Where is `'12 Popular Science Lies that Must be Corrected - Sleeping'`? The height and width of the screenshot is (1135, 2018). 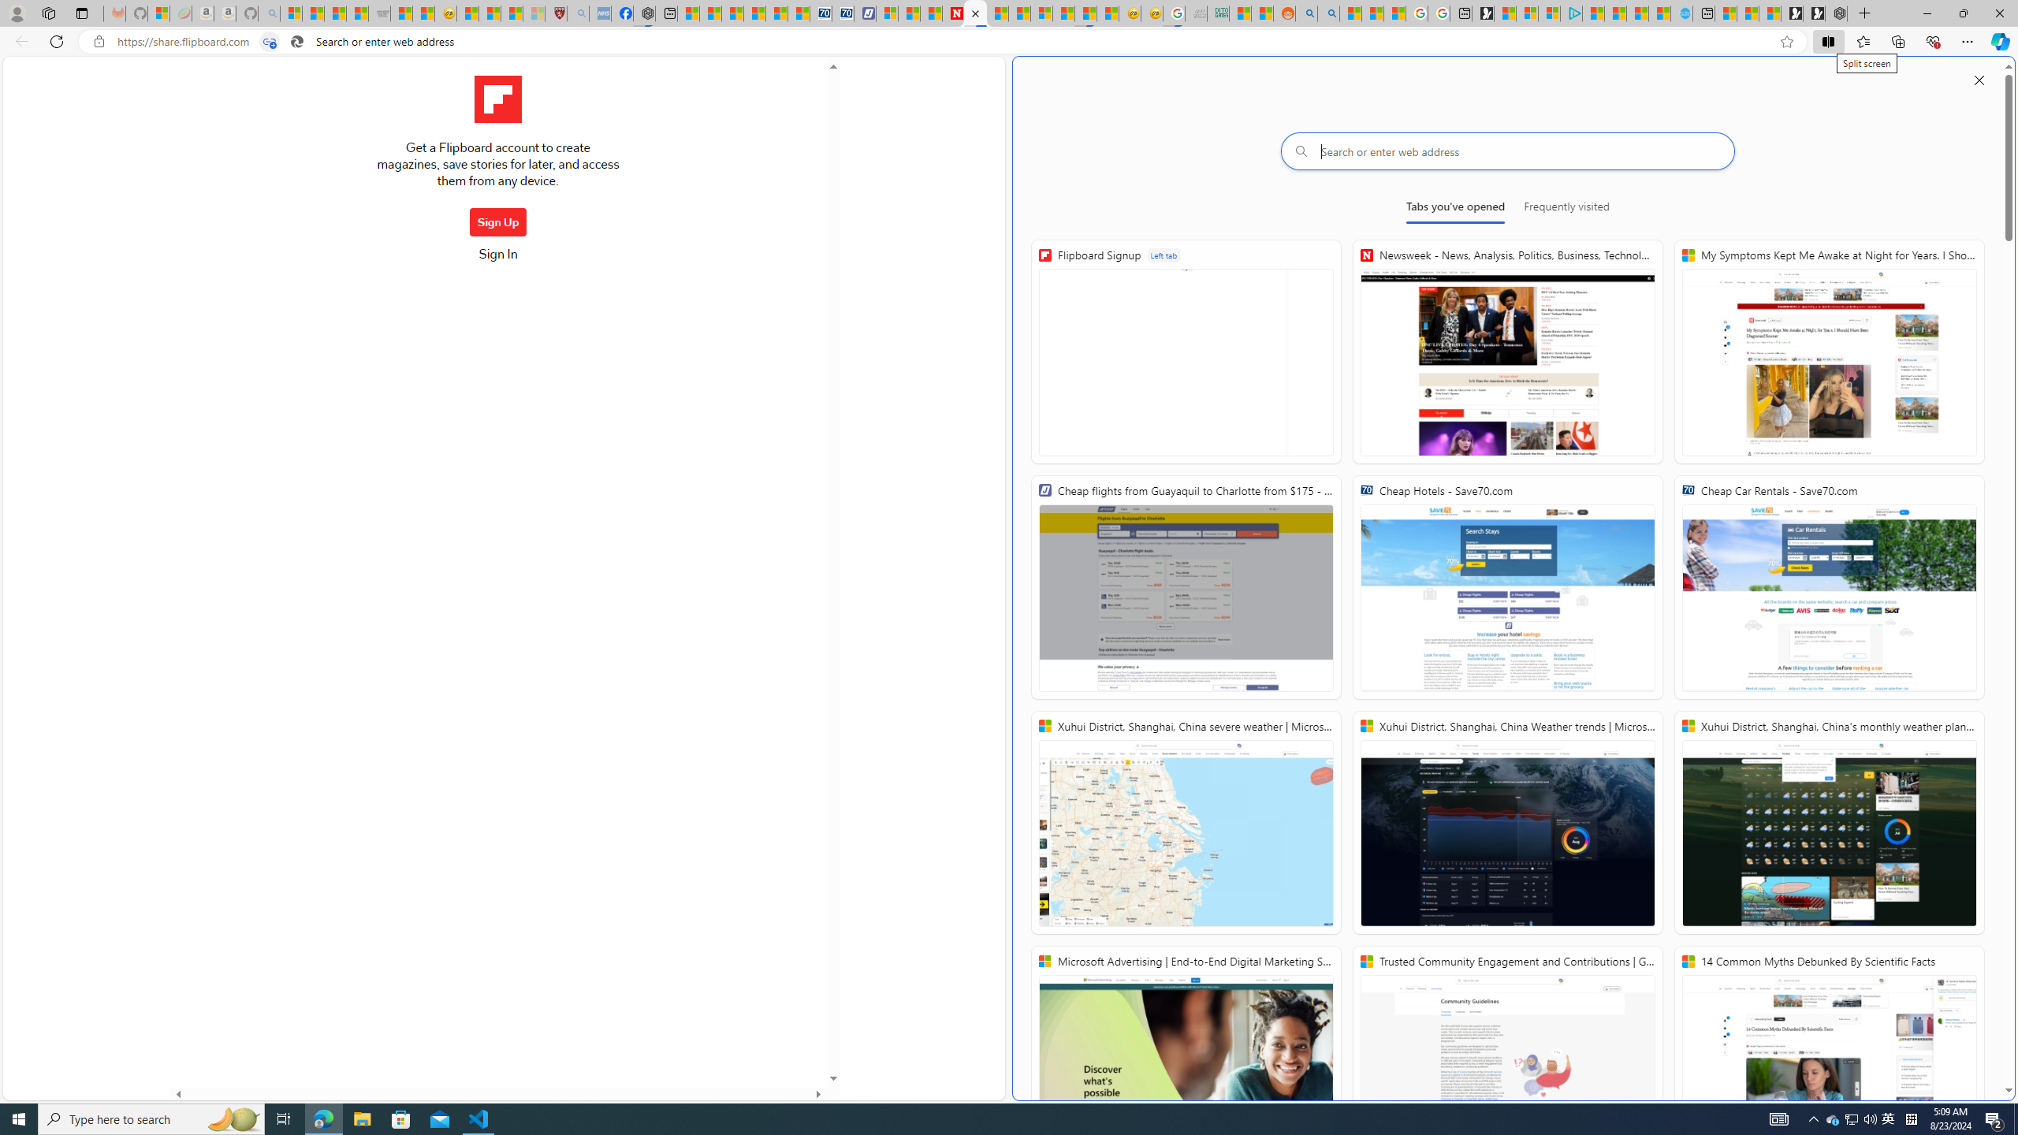
'12 Popular Science Lies that Must be Corrected - Sleeping' is located at coordinates (533, 13).